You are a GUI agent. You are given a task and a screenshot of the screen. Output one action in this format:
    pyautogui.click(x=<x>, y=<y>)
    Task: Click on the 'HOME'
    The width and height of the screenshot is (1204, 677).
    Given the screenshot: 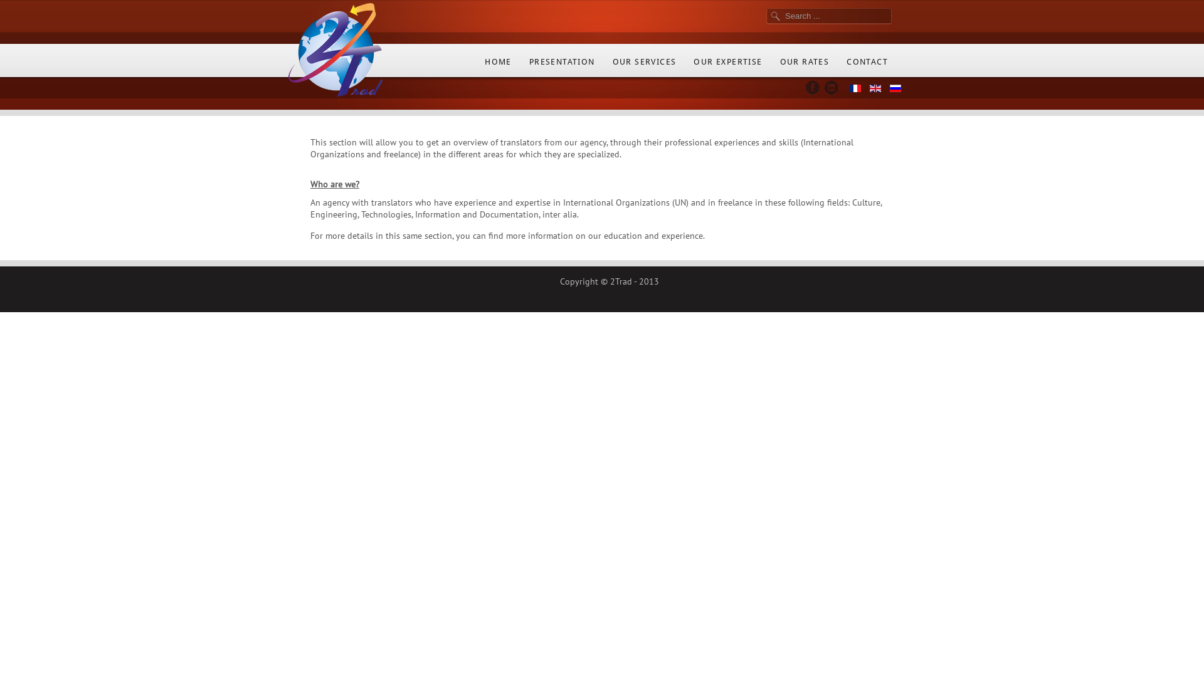 What is the action you would take?
    pyautogui.click(x=497, y=65)
    